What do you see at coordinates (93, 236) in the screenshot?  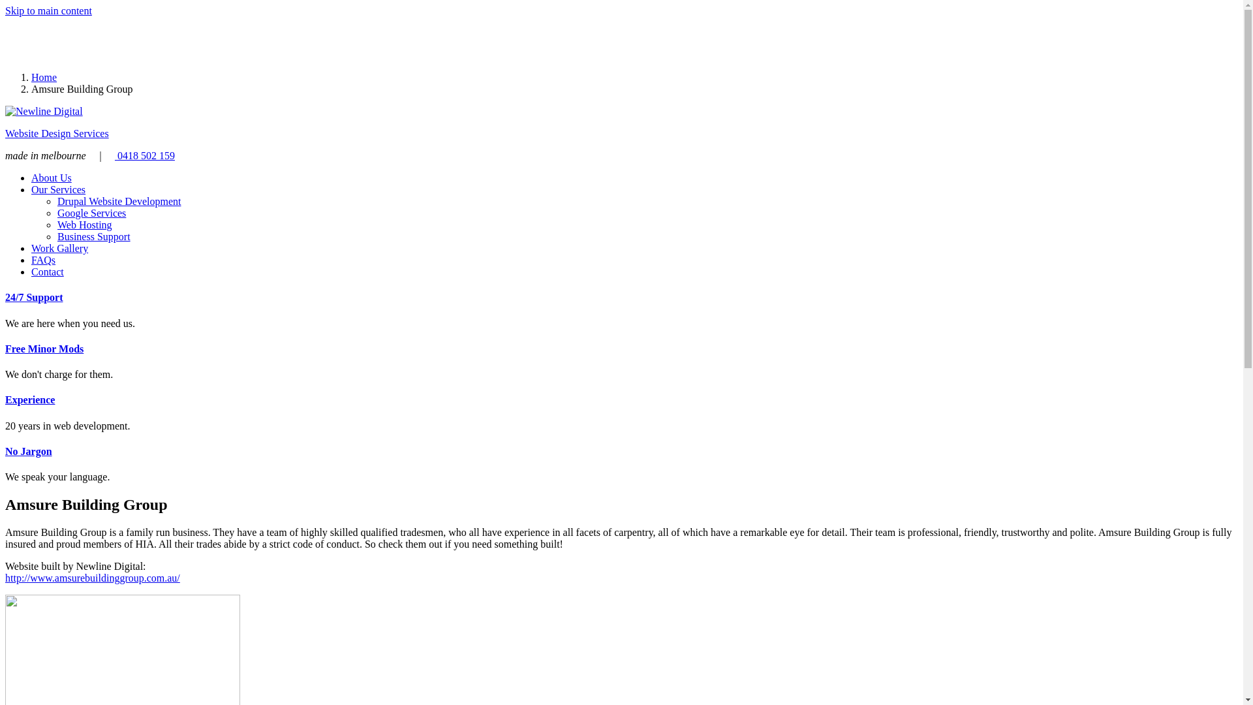 I see `'Business Support'` at bounding box center [93, 236].